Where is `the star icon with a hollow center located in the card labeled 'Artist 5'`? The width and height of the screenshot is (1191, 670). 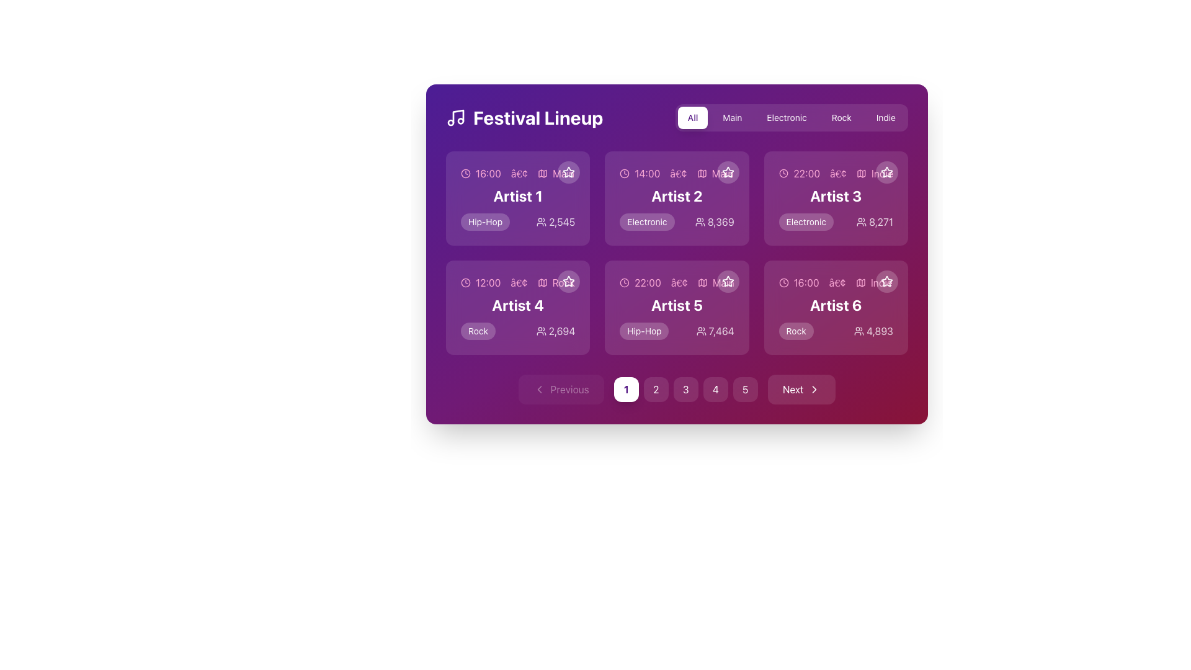
the star icon with a hollow center located in the card labeled 'Artist 5' is located at coordinates (728, 282).